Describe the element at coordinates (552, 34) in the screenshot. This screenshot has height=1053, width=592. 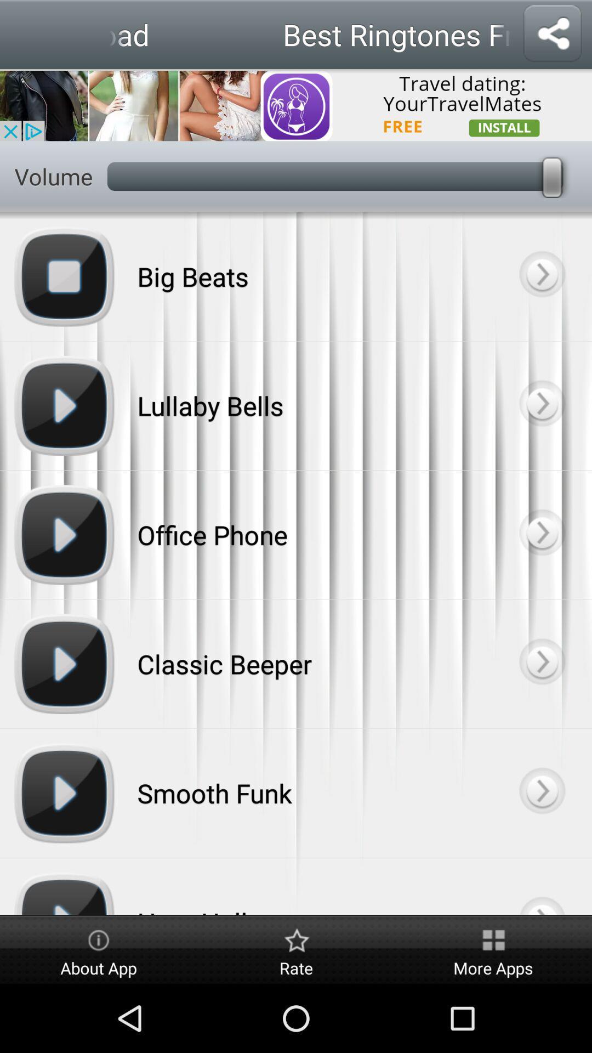
I see `open the share menu` at that location.